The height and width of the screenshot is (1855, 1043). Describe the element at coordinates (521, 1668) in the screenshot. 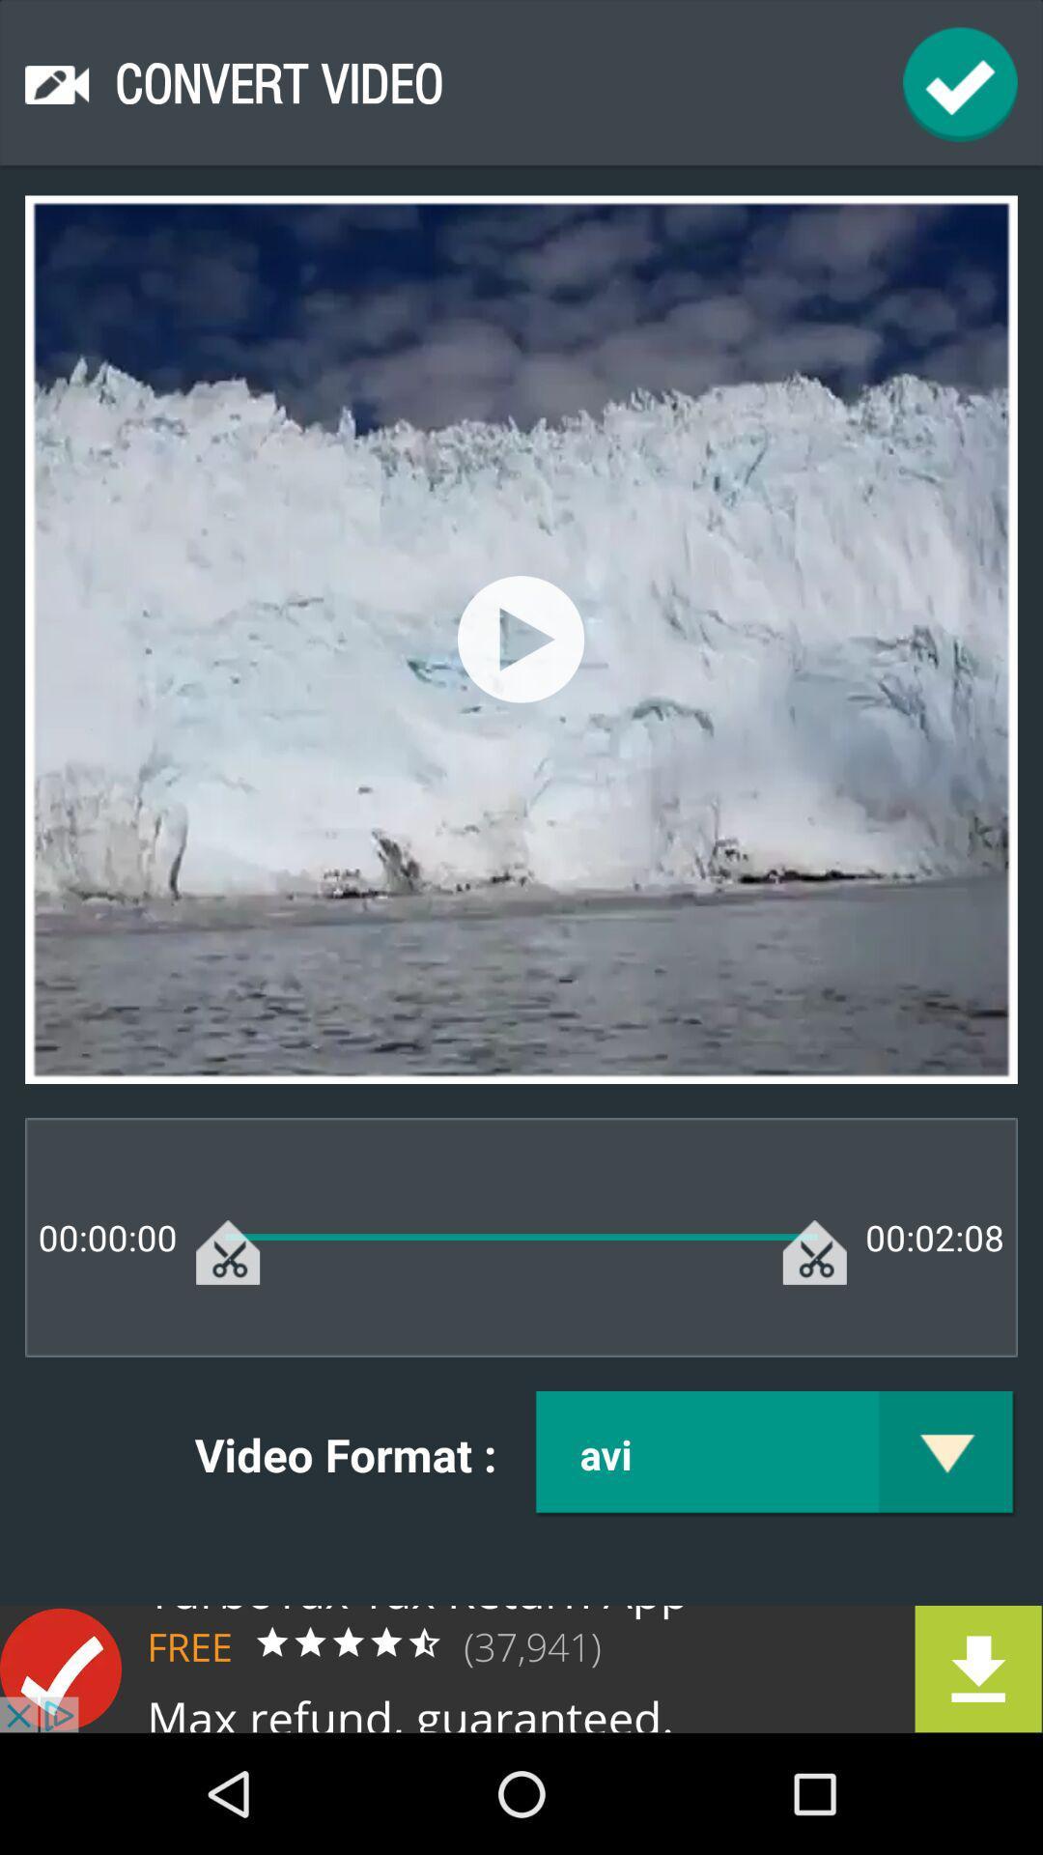

I see `another site` at that location.